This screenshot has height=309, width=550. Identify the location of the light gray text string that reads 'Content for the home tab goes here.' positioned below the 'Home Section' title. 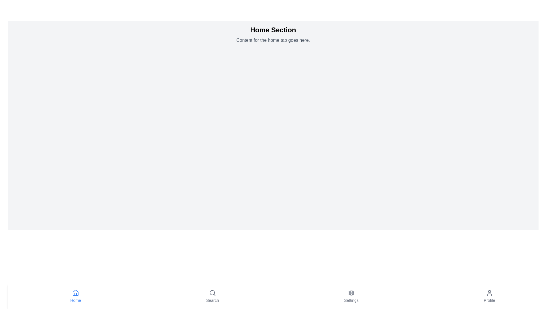
(273, 40).